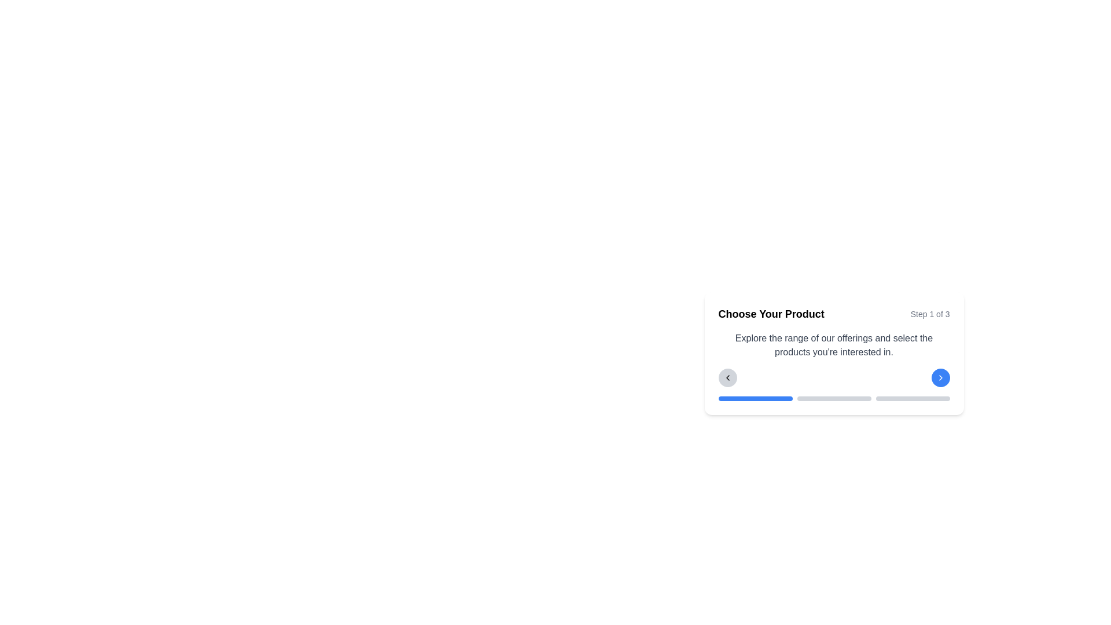 The height and width of the screenshot is (625, 1111). Describe the element at coordinates (727, 377) in the screenshot. I see `the circular button with a light gray background and a black left-pointing chevron icon` at that location.